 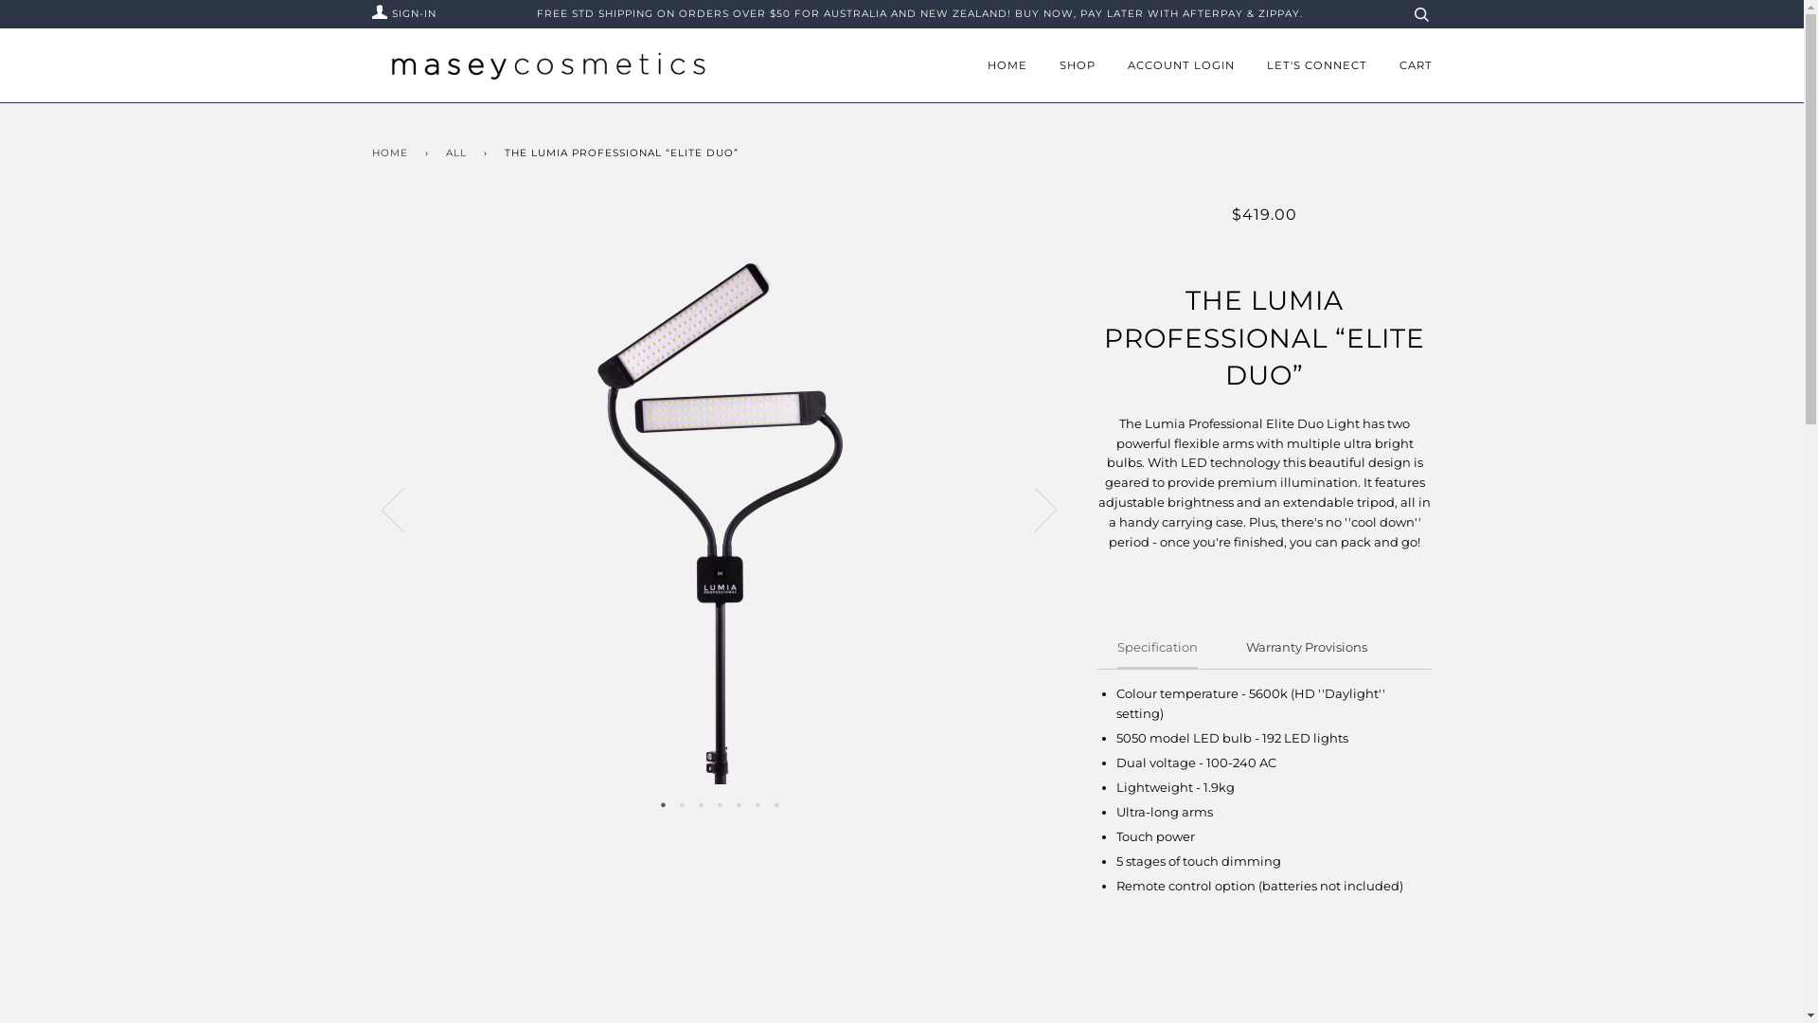 I want to click on '2', so click(x=682, y=803).